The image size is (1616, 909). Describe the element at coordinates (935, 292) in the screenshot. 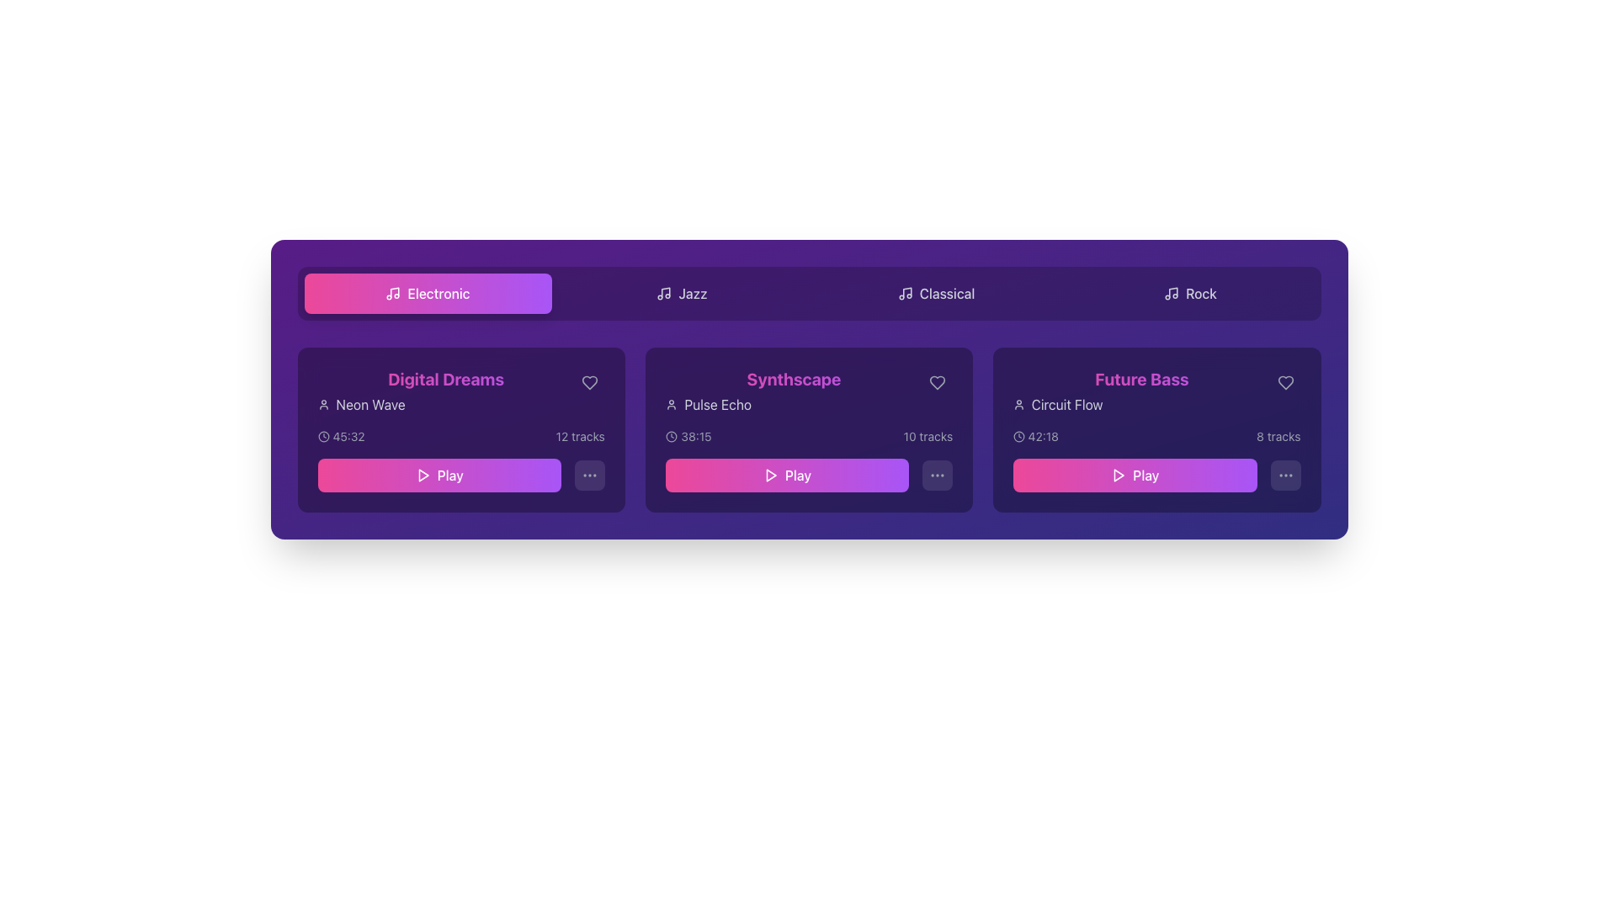

I see `the 'Classical' genre label, which is a text label with a music note icon, styled with light gray text on a dark purple background, positioned horizontally between 'Jazz' and 'Rock'` at that location.